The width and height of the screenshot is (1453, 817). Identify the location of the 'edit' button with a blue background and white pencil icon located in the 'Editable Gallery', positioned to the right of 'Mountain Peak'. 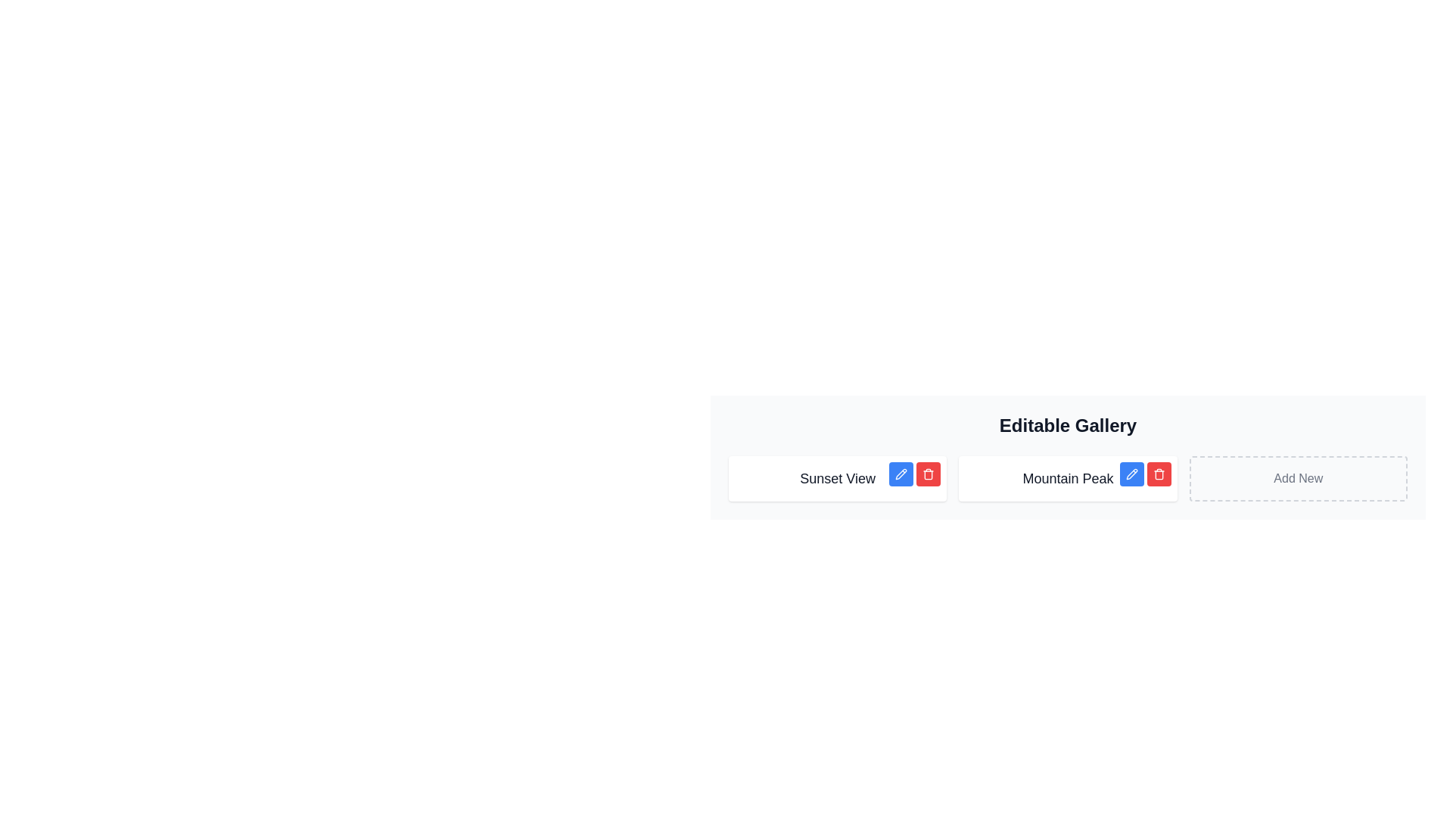
(1131, 474).